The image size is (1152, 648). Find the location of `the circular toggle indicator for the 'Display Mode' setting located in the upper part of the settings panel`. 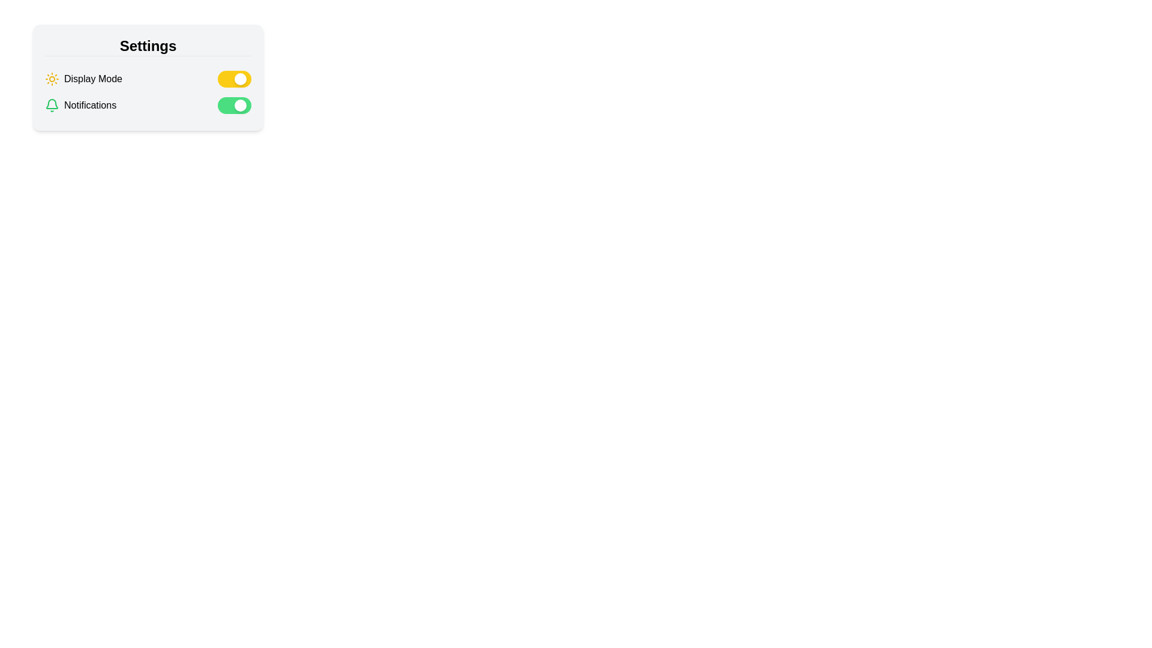

the circular toggle indicator for the 'Display Mode' setting located in the upper part of the settings panel is located at coordinates (240, 79).